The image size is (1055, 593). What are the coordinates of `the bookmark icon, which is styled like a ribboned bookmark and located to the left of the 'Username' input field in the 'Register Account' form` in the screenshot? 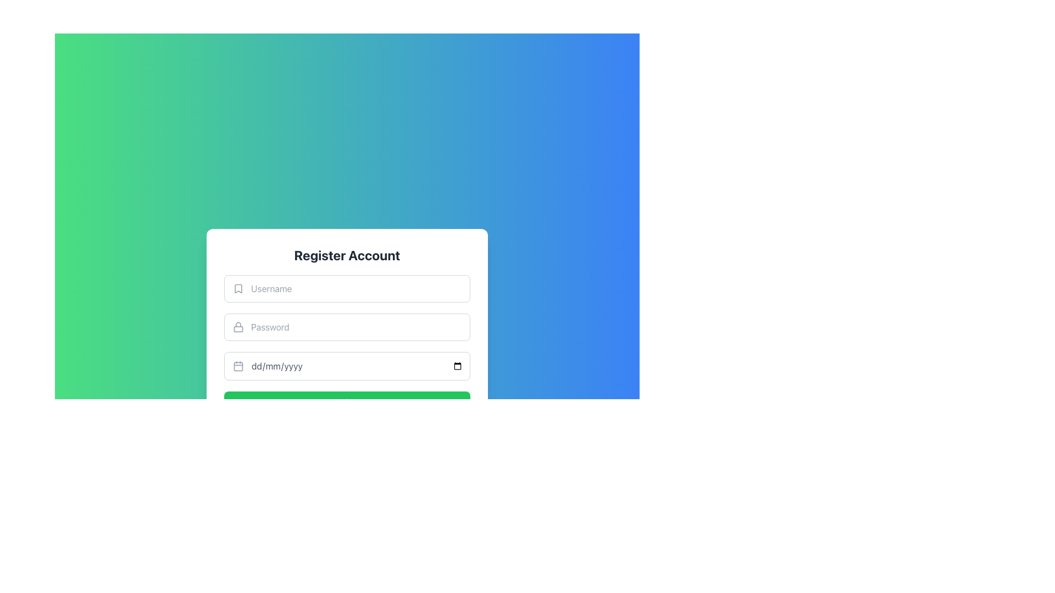 It's located at (237, 288).